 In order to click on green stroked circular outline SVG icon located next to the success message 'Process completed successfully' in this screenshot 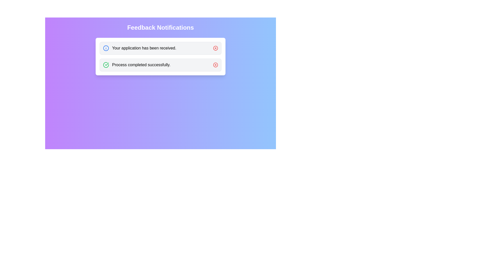, I will do `click(106, 64)`.